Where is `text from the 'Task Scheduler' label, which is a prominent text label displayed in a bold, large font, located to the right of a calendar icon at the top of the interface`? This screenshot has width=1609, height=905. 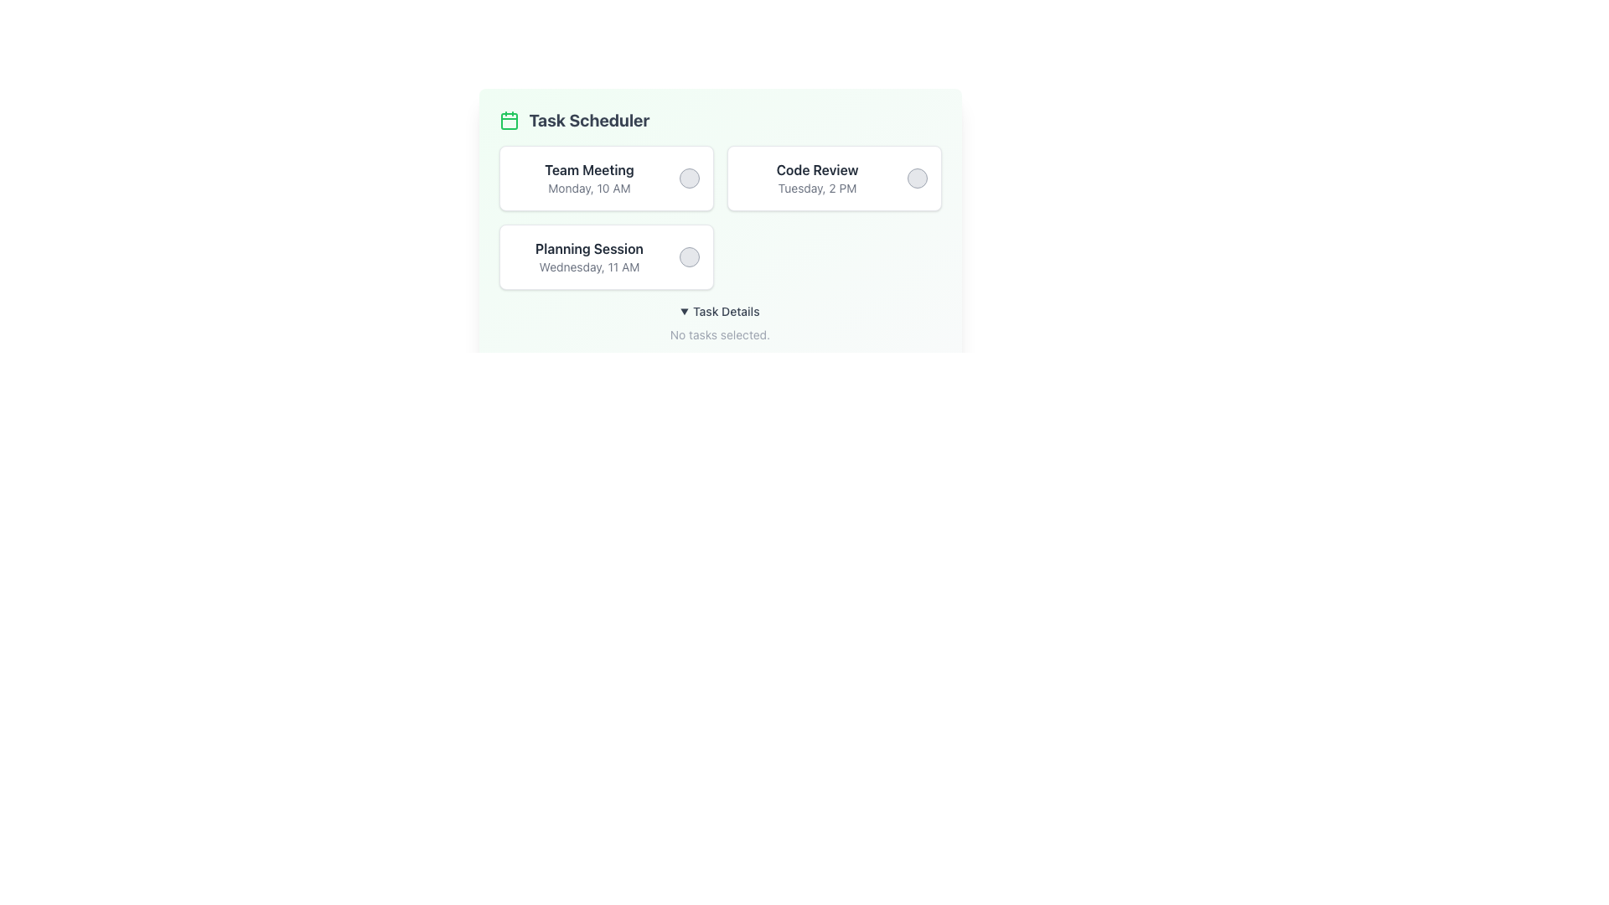 text from the 'Task Scheduler' label, which is a prominent text label displayed in a bold, large font, located to the right of a calendar icon at the top of the interface is located at coordinates (589, 119).